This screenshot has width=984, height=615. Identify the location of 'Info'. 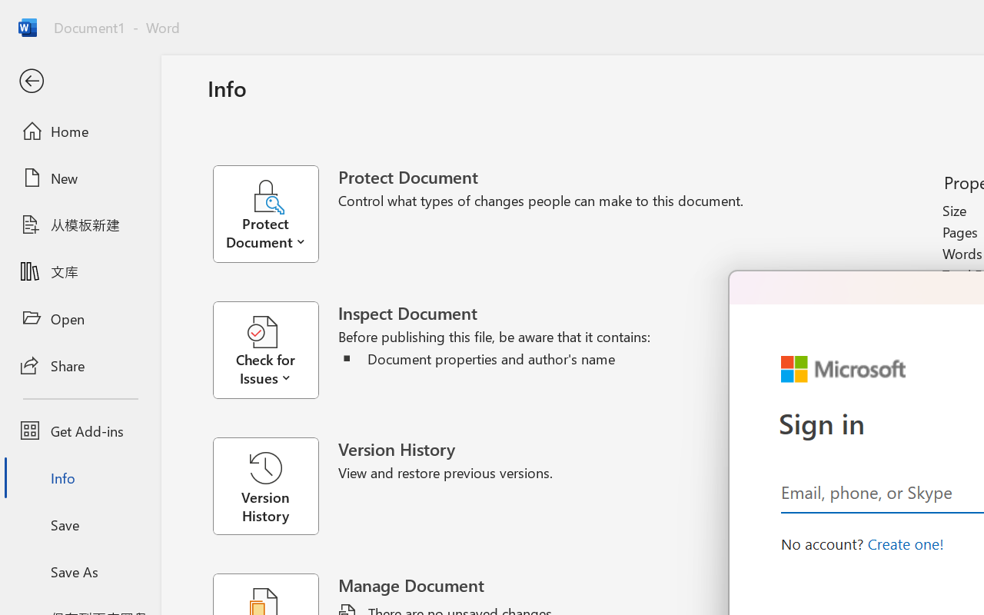
(79, 477).